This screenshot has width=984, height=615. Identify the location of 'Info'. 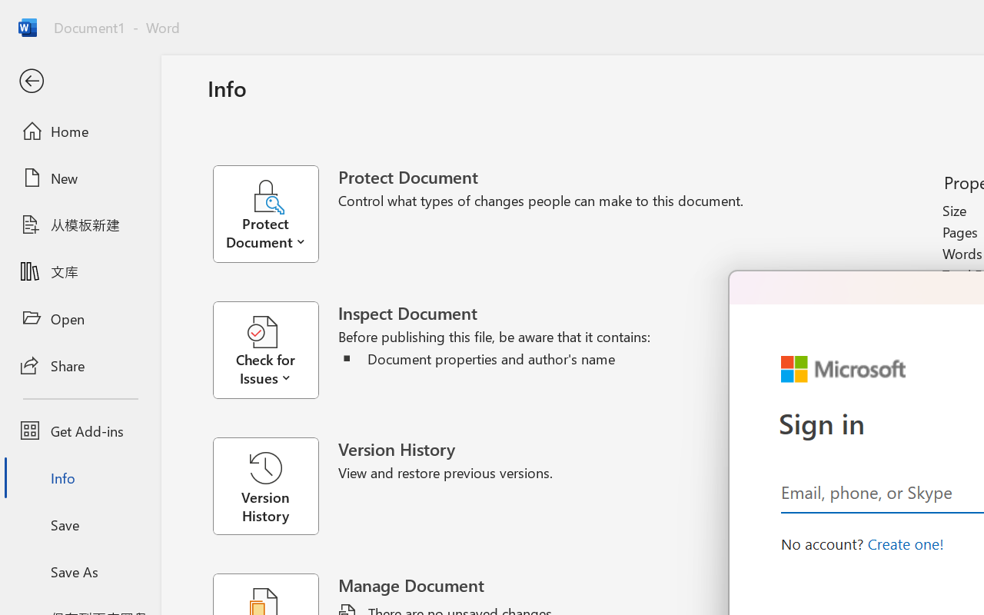
(79, 477).